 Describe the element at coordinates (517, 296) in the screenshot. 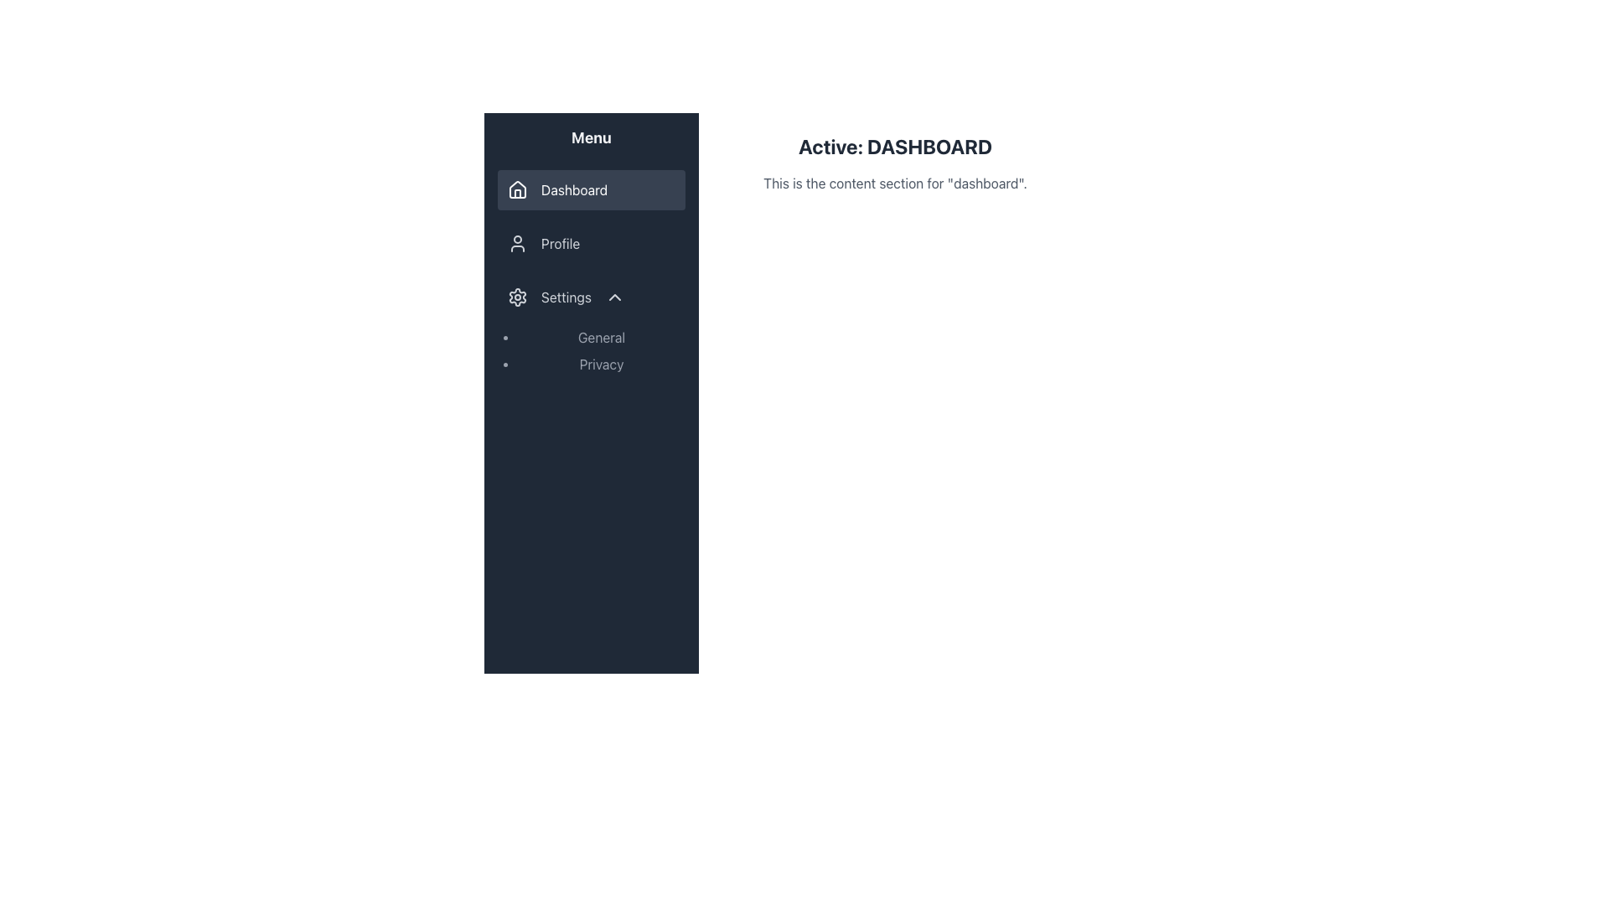

I see `the gear icon representing the 'Settings' section in the navigation menu` at that location.